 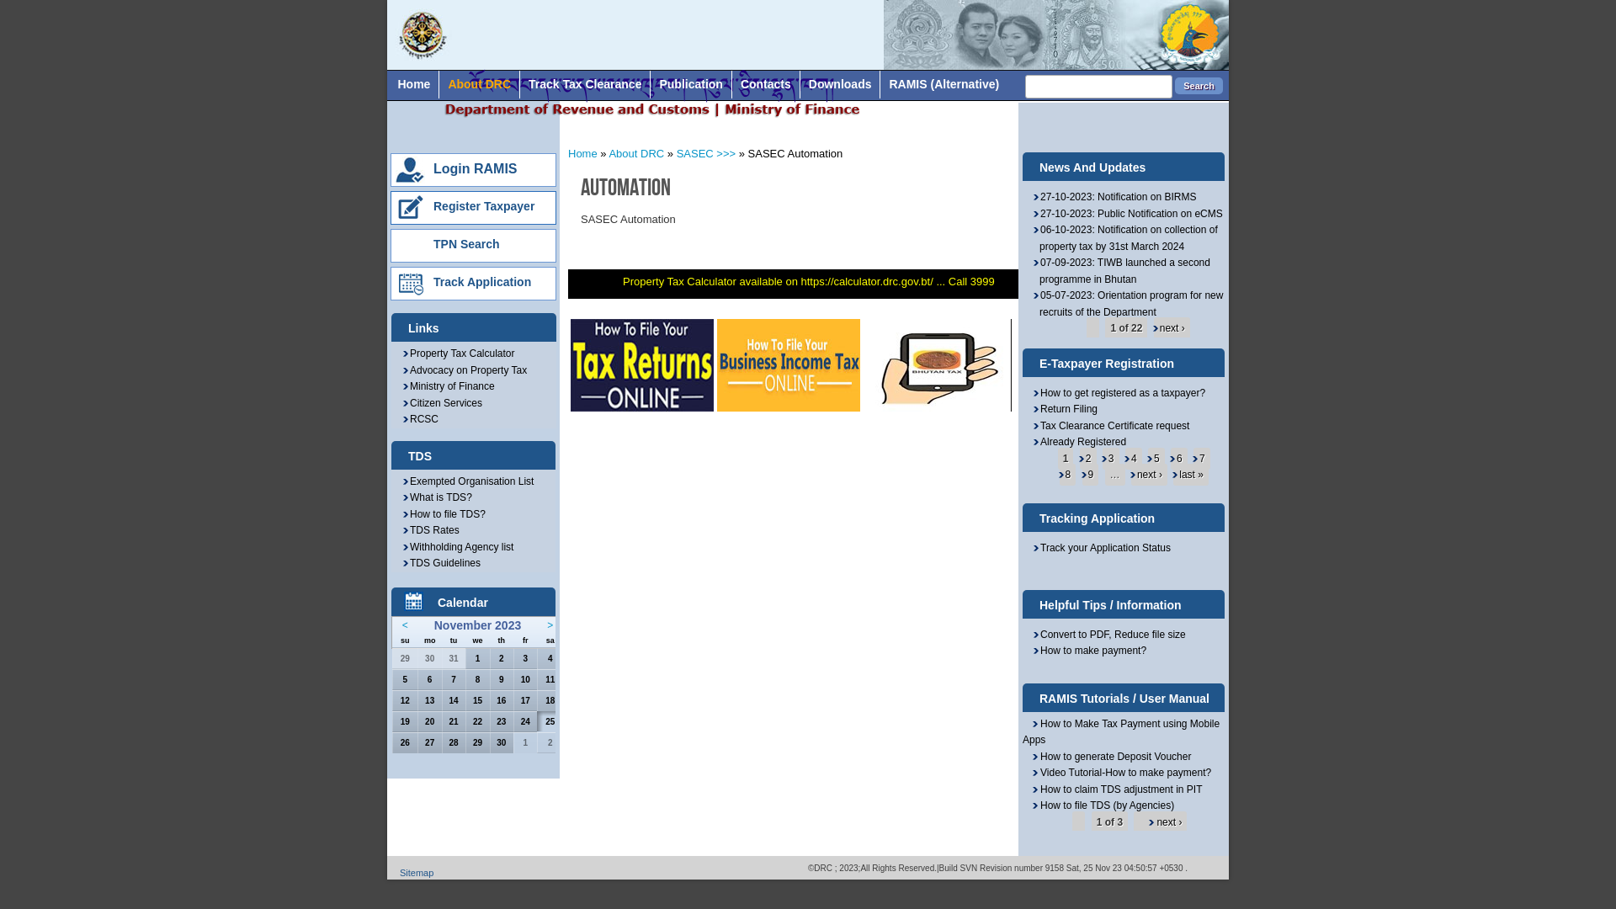 What do you see at coordinates (475, 168) in the screenshot?
I see `'Login RAMIS'` at bounding box center [475, 168].